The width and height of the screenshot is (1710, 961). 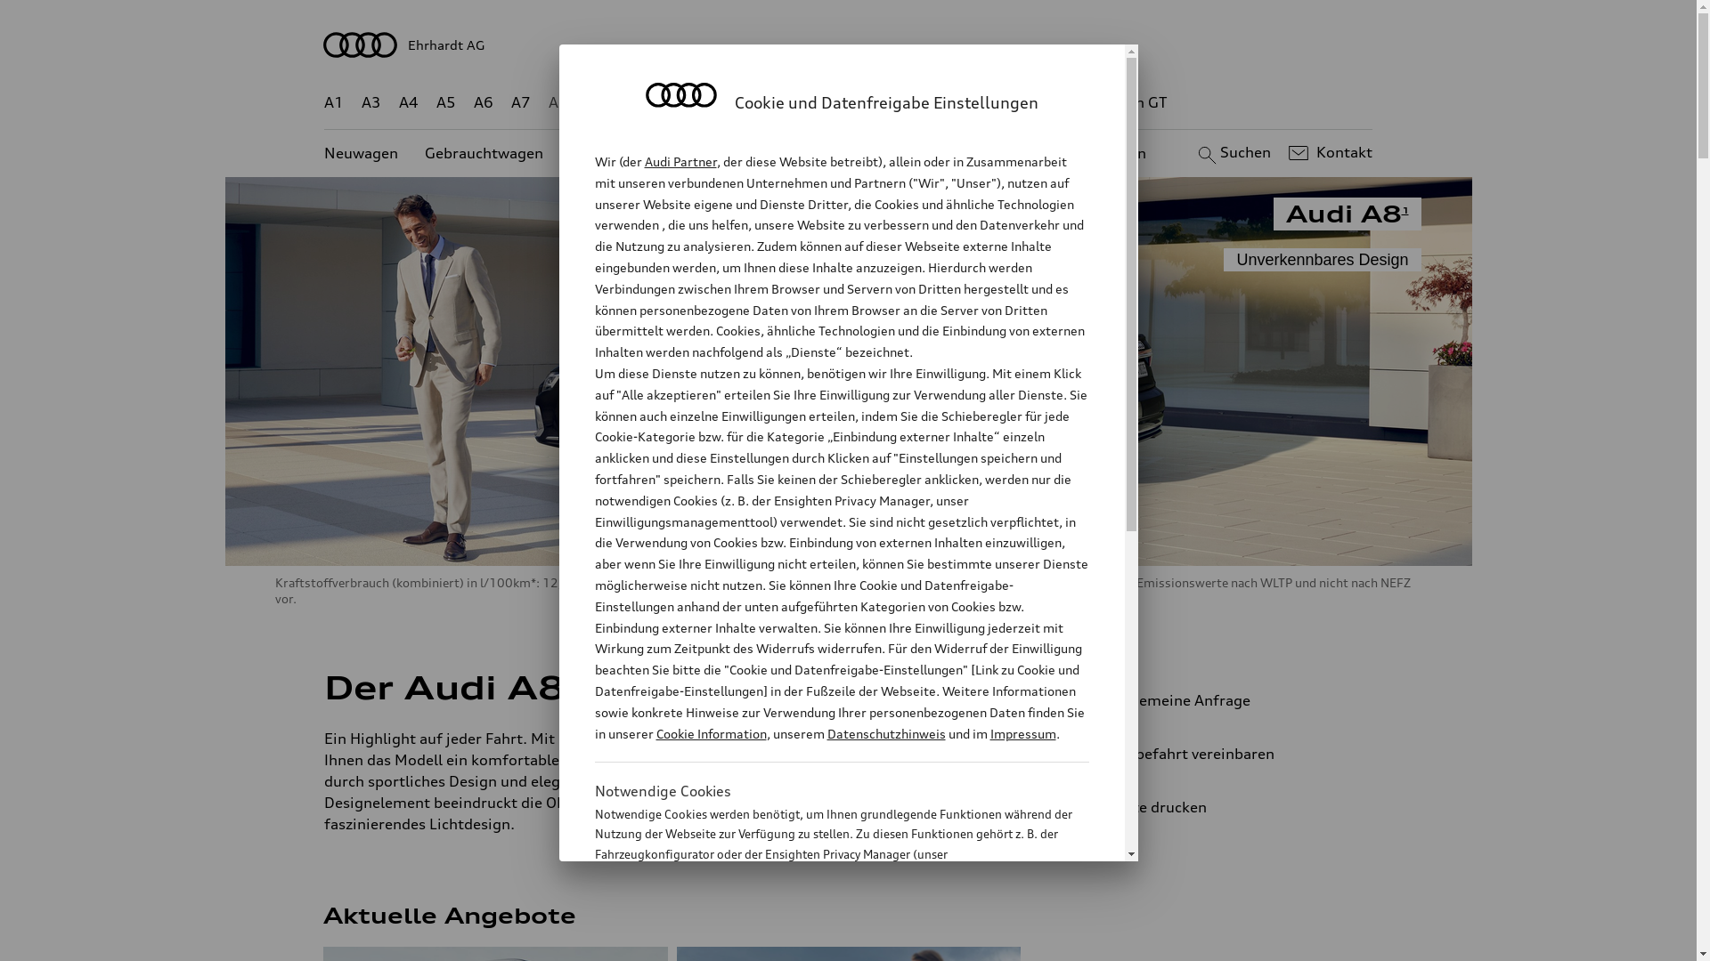 I want to click on 'e-tron GT', so click(x=1133, y=102).